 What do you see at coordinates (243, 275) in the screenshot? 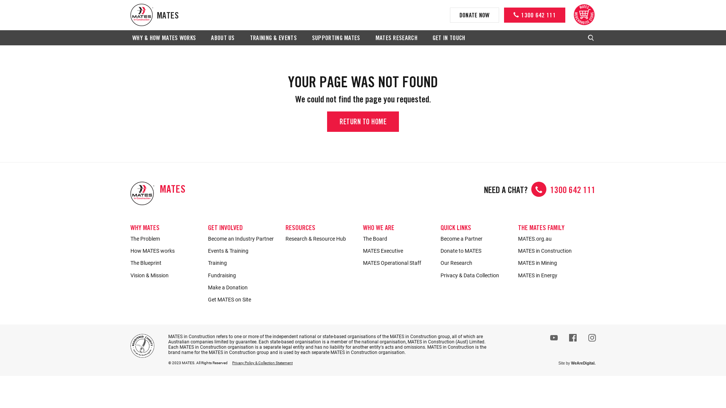
I see `'Fundraising'` at bounding box center [243, 275].